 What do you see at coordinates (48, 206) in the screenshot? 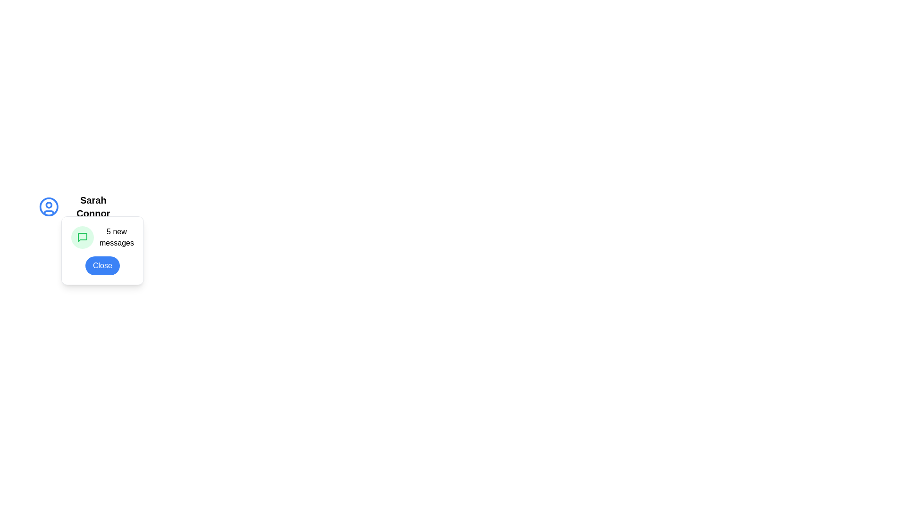
I see `the user profile icon located to the left of the text 'Sarah Connor'` at bounding box center [48, 206].